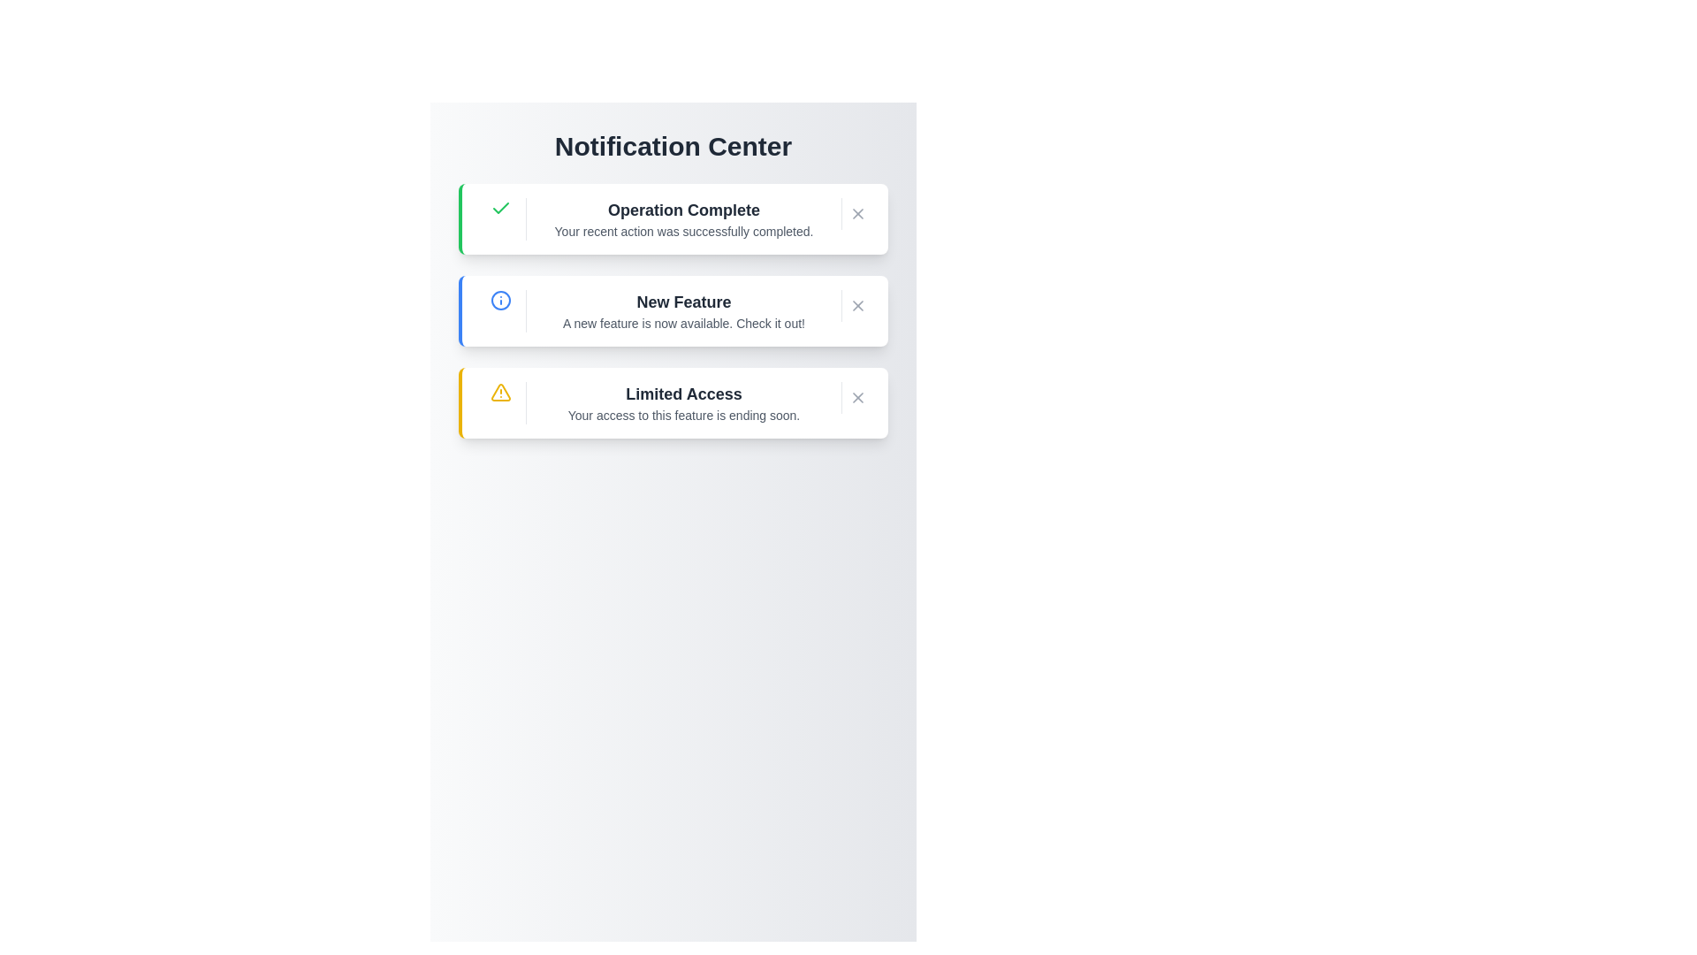 The width and height of the screenshot is (1697, 955). Describe the element at coordinates (682, 393) in the screenshot. I see `title text of the notification card located in the third row of the Notification Center` at that location.